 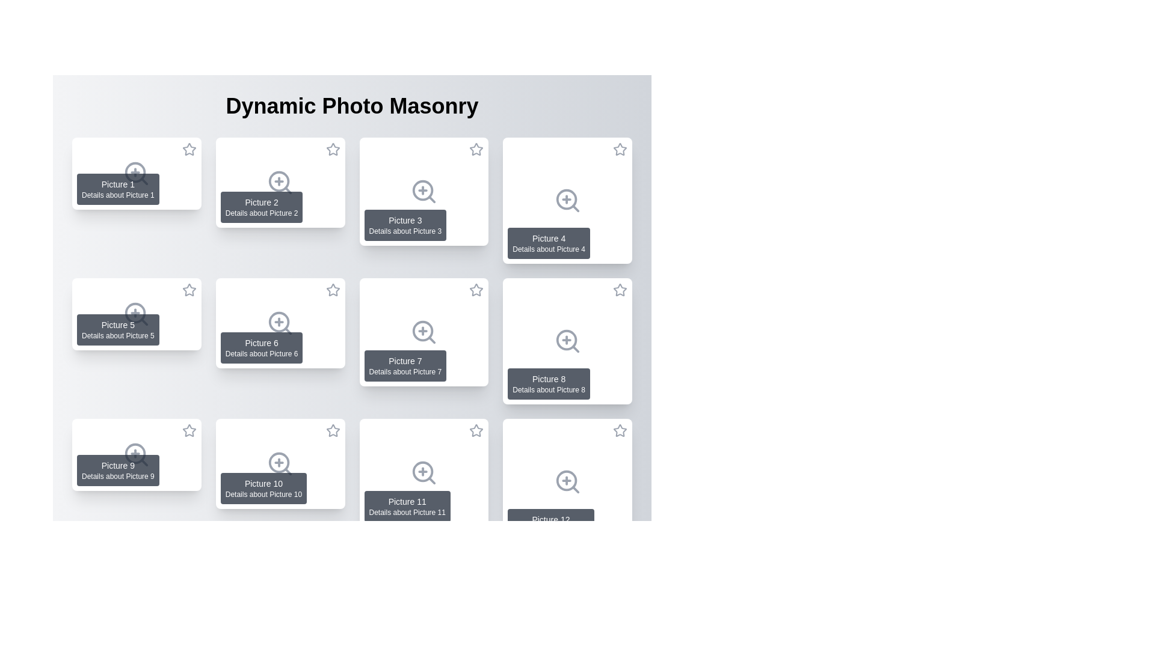 I want to click on text label that reads 'Details about Picture 7', which is located beneath the title 'Picture 7' in the caption area of the seventh picture, so click(x=405, y=371).